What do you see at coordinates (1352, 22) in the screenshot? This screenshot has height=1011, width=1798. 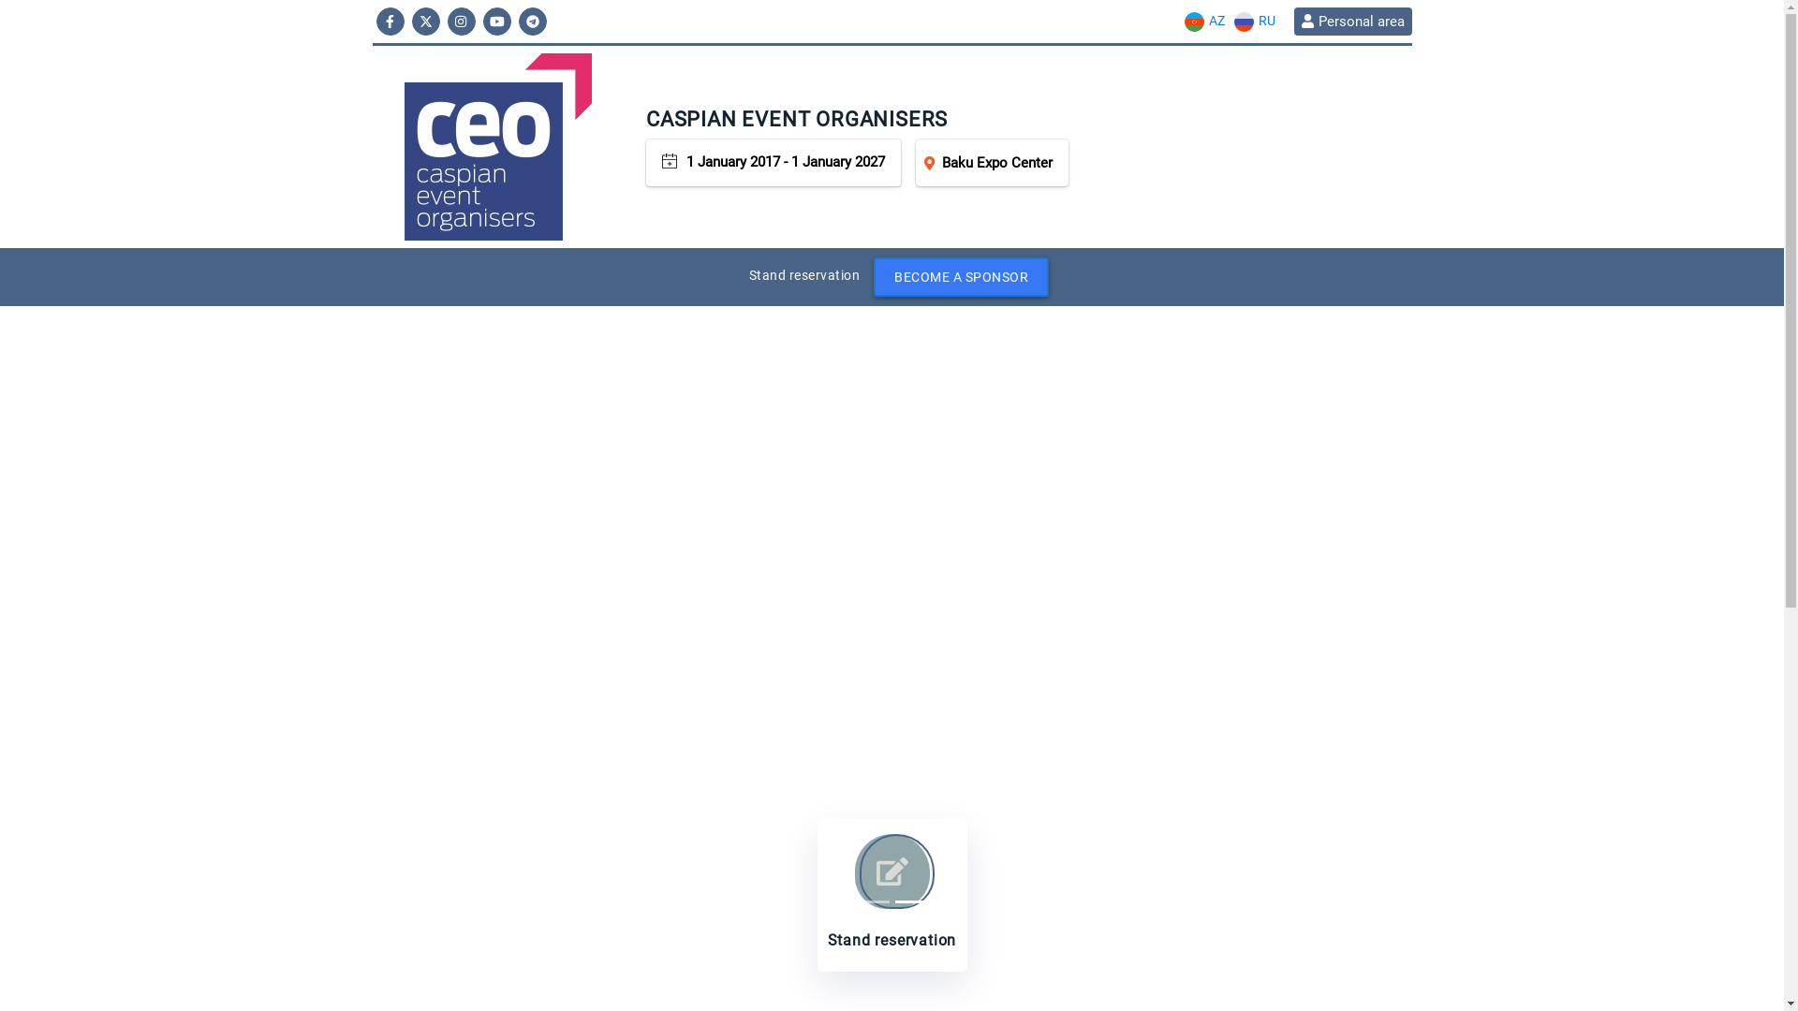 I see `'Personal area'` at bounding box center [1352, 22].